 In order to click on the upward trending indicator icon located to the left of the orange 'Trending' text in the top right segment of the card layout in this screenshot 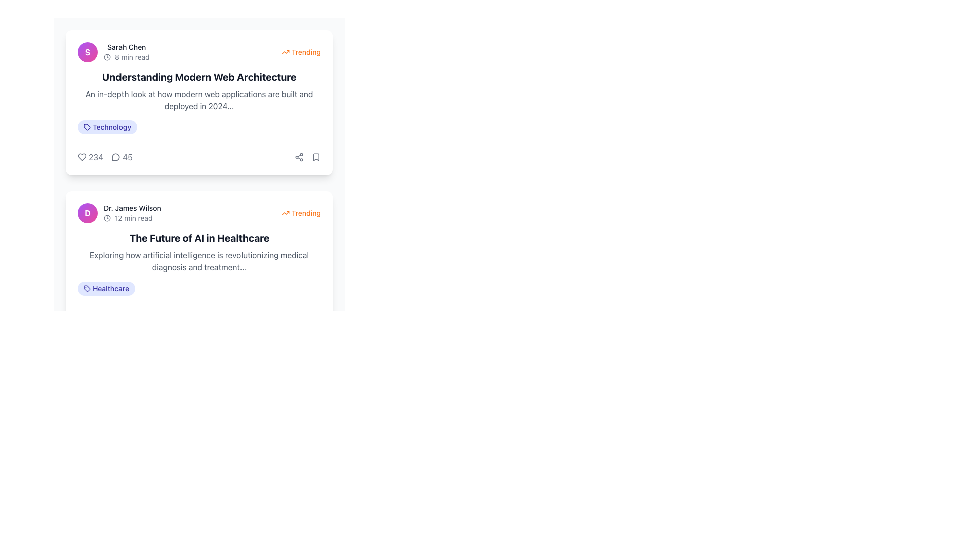, I will do `click(285, 212)`.